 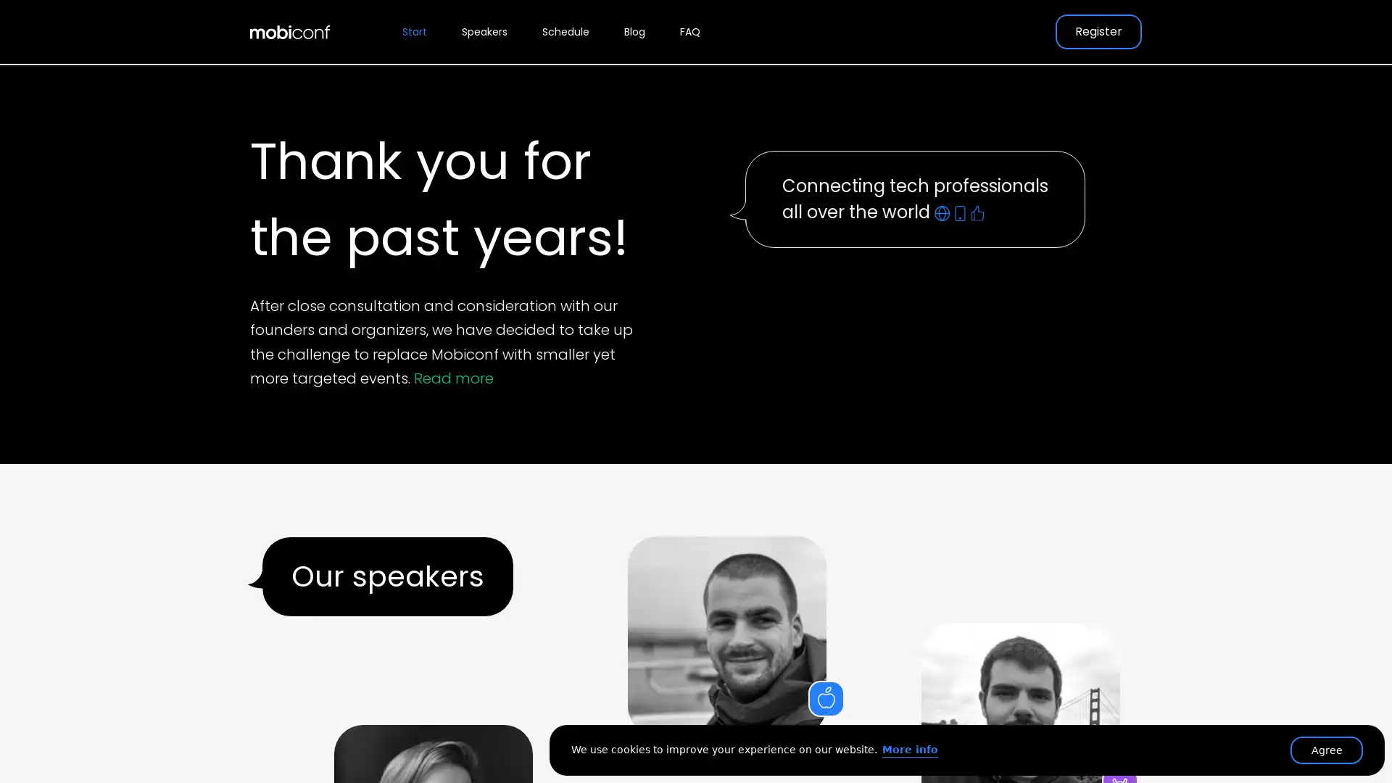 I want to click on Agree, so click(x=1326, y=750).